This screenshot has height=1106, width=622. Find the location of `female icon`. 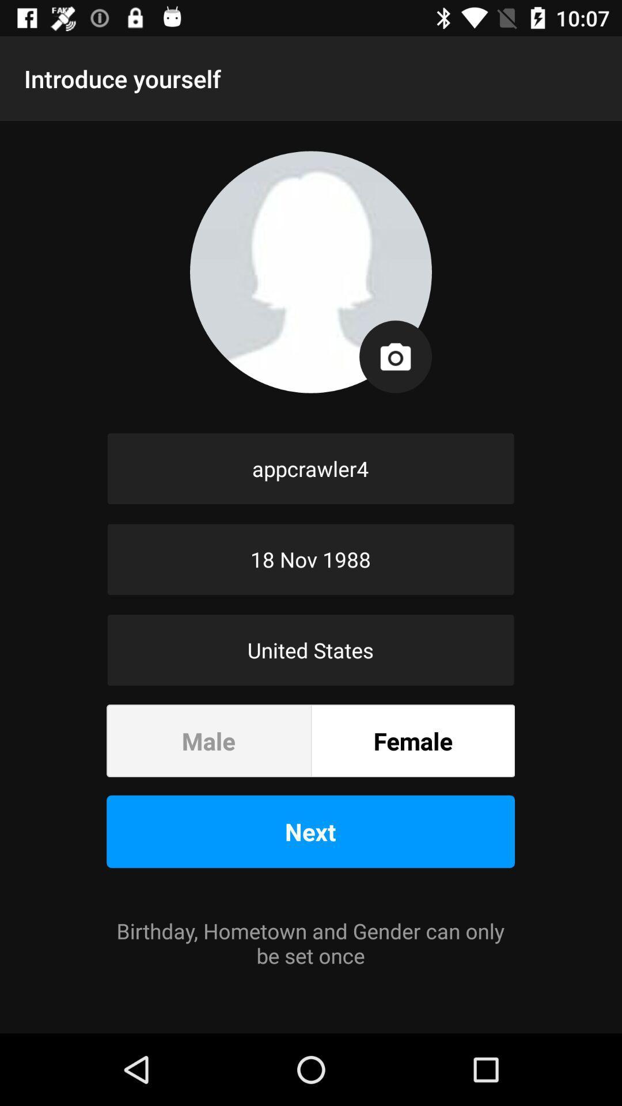

female icon is located at coordinates (412, 741).